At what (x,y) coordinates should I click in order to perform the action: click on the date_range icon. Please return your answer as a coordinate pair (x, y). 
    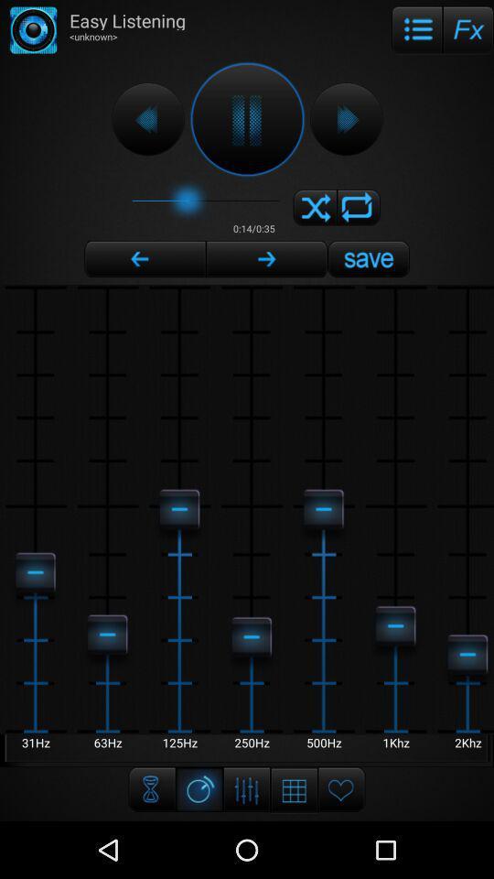
    Looking at the image, I should click on (294, 846).